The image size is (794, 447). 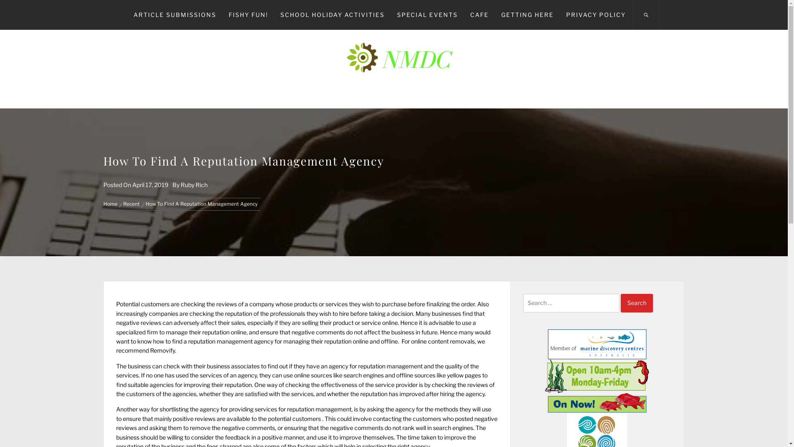 I want to click on 'SCHOOL HOLIDAY ACTIVITIES', so click(x=332, y=14).